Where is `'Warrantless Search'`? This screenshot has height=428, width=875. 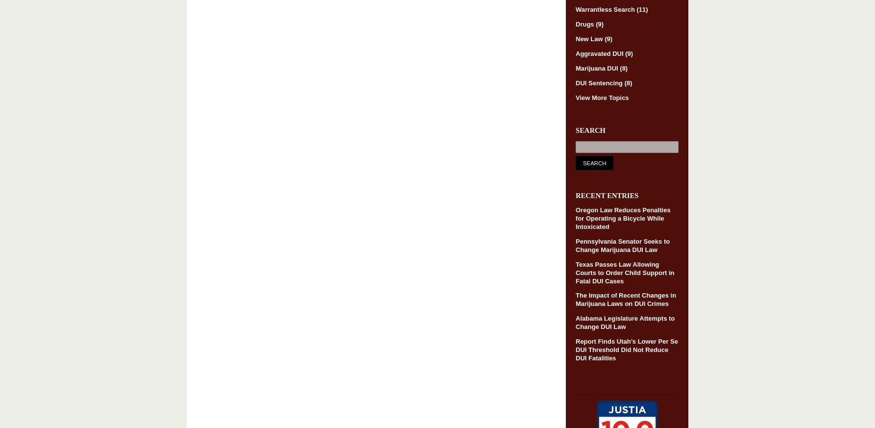
'Warrantless Search' is located at coordinates (606, 9).